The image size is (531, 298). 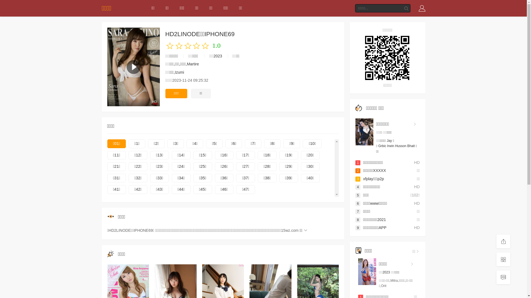 I want to click on 'HD', so click(x=134, y=66).